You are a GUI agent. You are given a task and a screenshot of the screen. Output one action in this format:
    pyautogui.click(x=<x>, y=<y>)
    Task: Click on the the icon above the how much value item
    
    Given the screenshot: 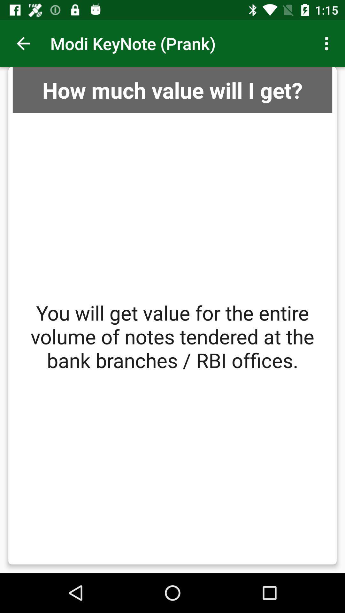 What is the action you would take?
    pyautogui.click(x=23, y=43)
    